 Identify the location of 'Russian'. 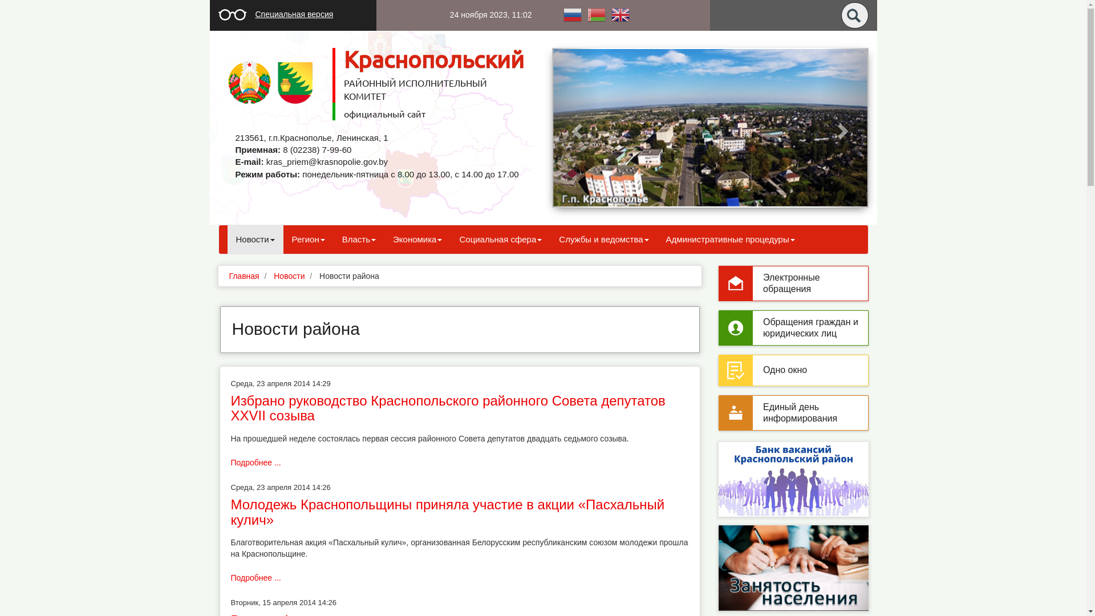
(560, 14).